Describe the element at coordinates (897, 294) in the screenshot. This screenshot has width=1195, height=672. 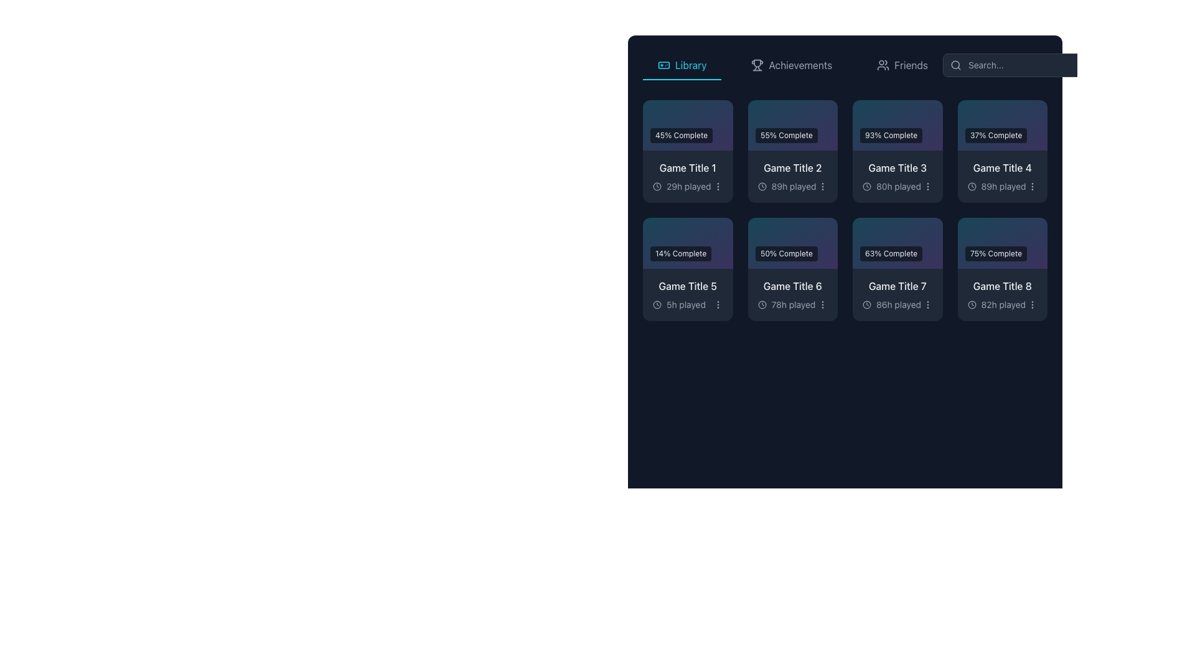
I see `game information displayed on the Informative card titled 'Game Title 7' located in the fourth row, second column of the game library grid` at that location.